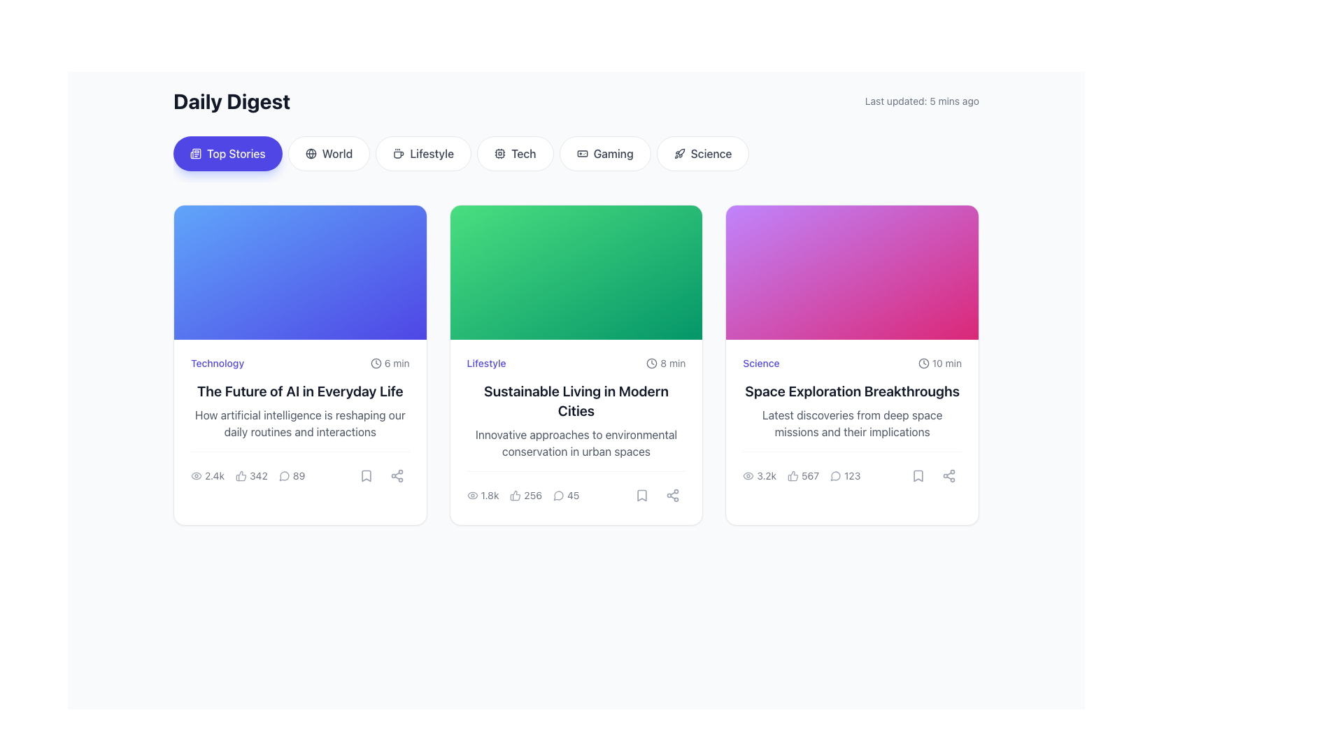  I want to click on the static text element displaying the number of comments related to the card titled 'Space Exploration Breakthroughs' in the 'Science' category, so click(851, 470).